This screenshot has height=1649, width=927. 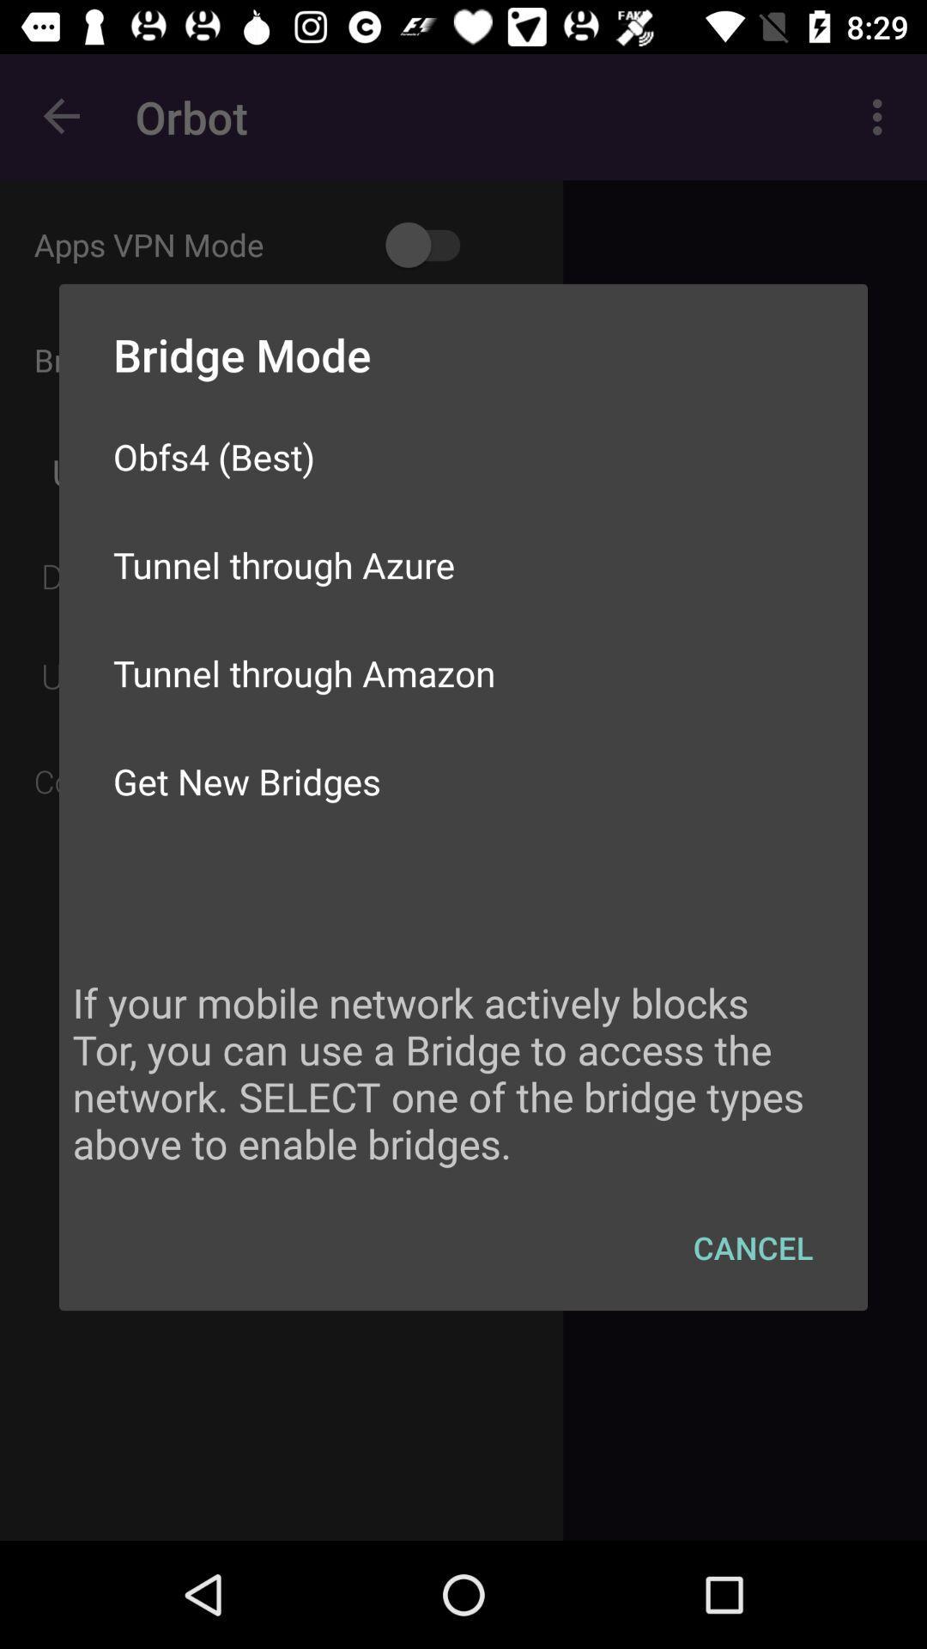 I want to click on icon at the bottom right corner, so click(x=752, y=1247).